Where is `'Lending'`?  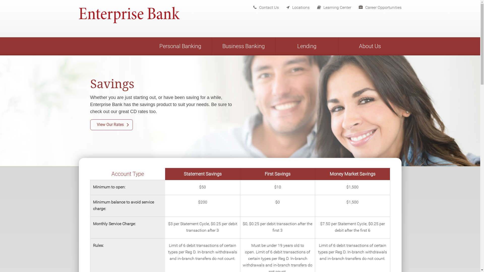
'Lending' is located at coordinates (275, 46).